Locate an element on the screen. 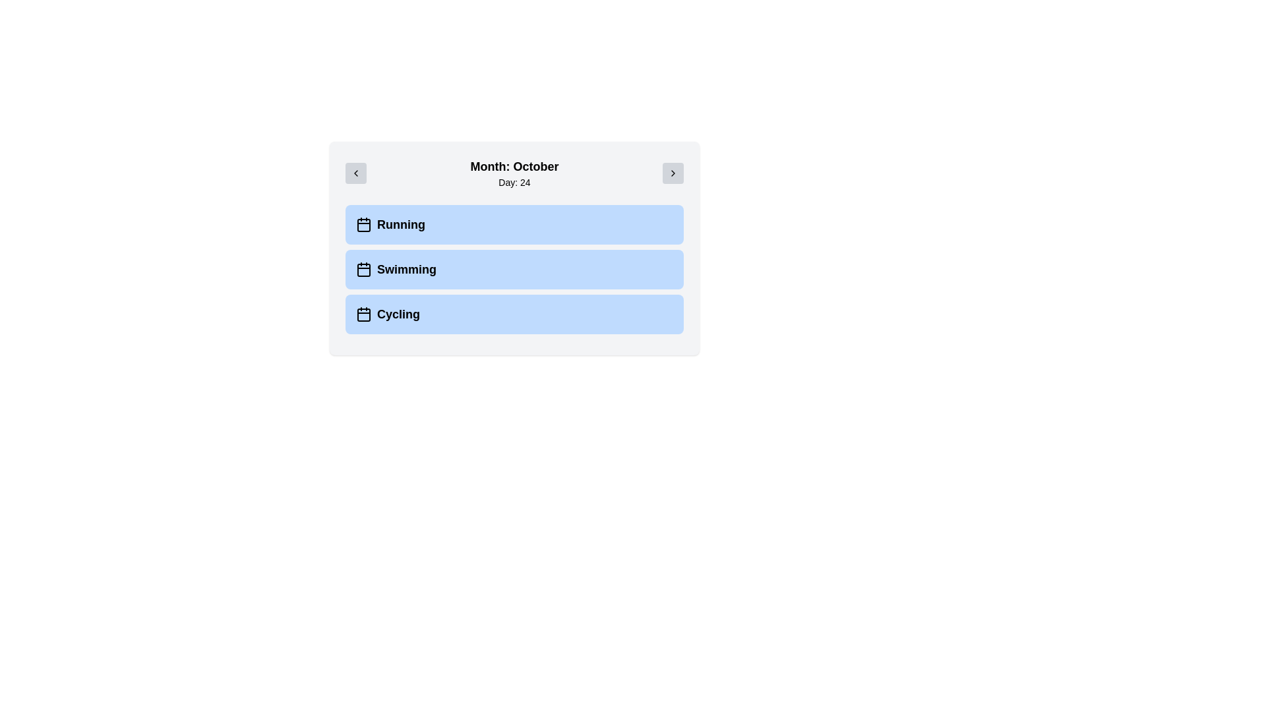 This screenshot has height=712, width=1266. the right-facing chevron icon within the rounded square button adjacent to the 'Month: October' title area is located at coordinates (673, 172).